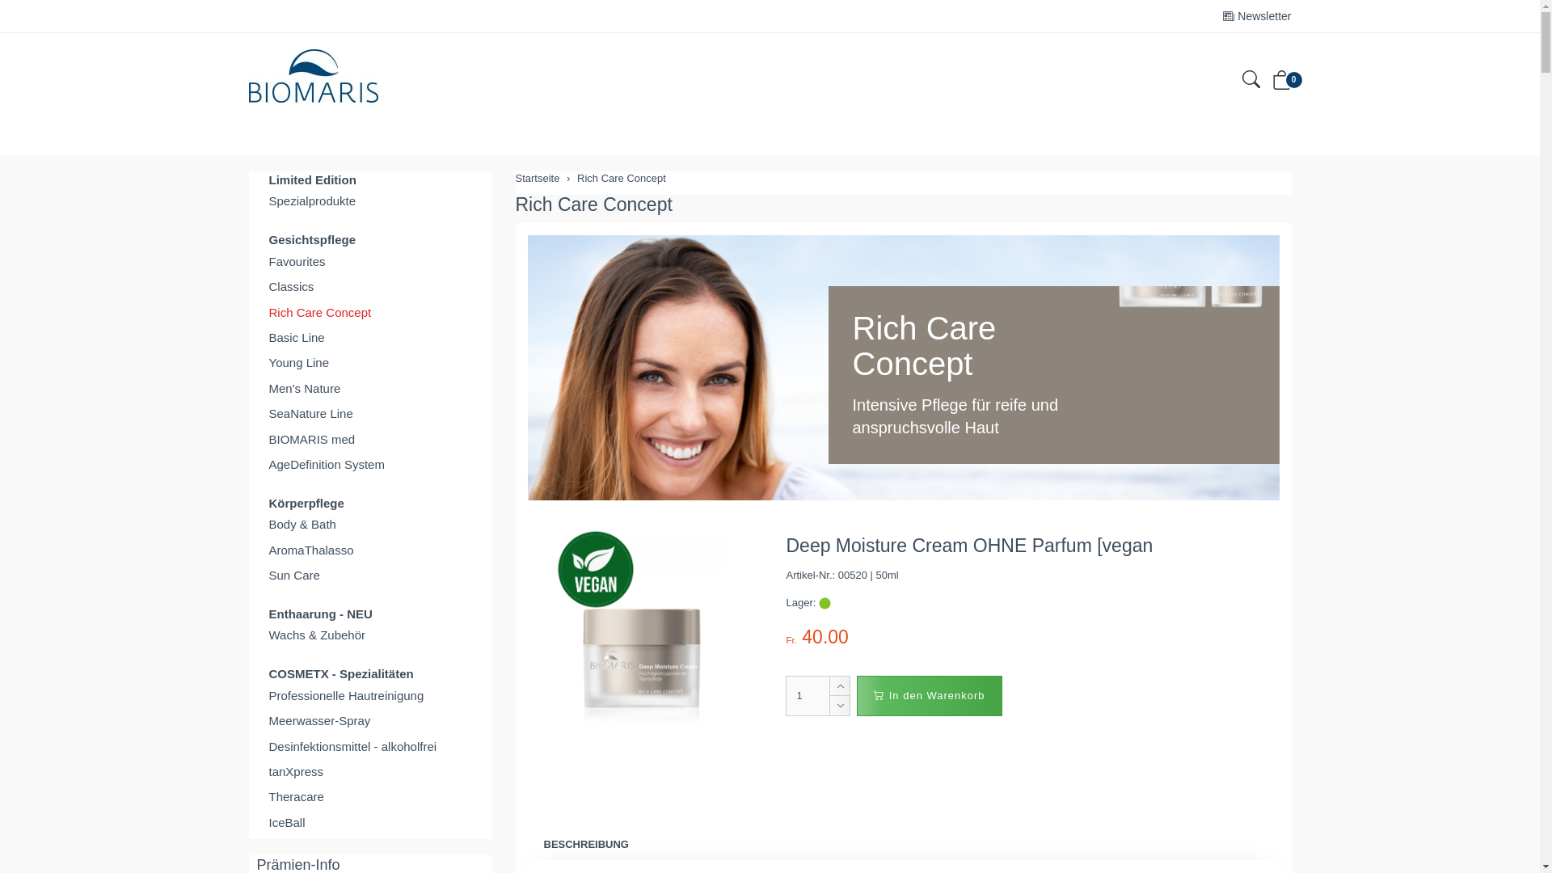 This screenshot has width=1552, height=873. I want to click on 'Sun Care', so click(369, 574).